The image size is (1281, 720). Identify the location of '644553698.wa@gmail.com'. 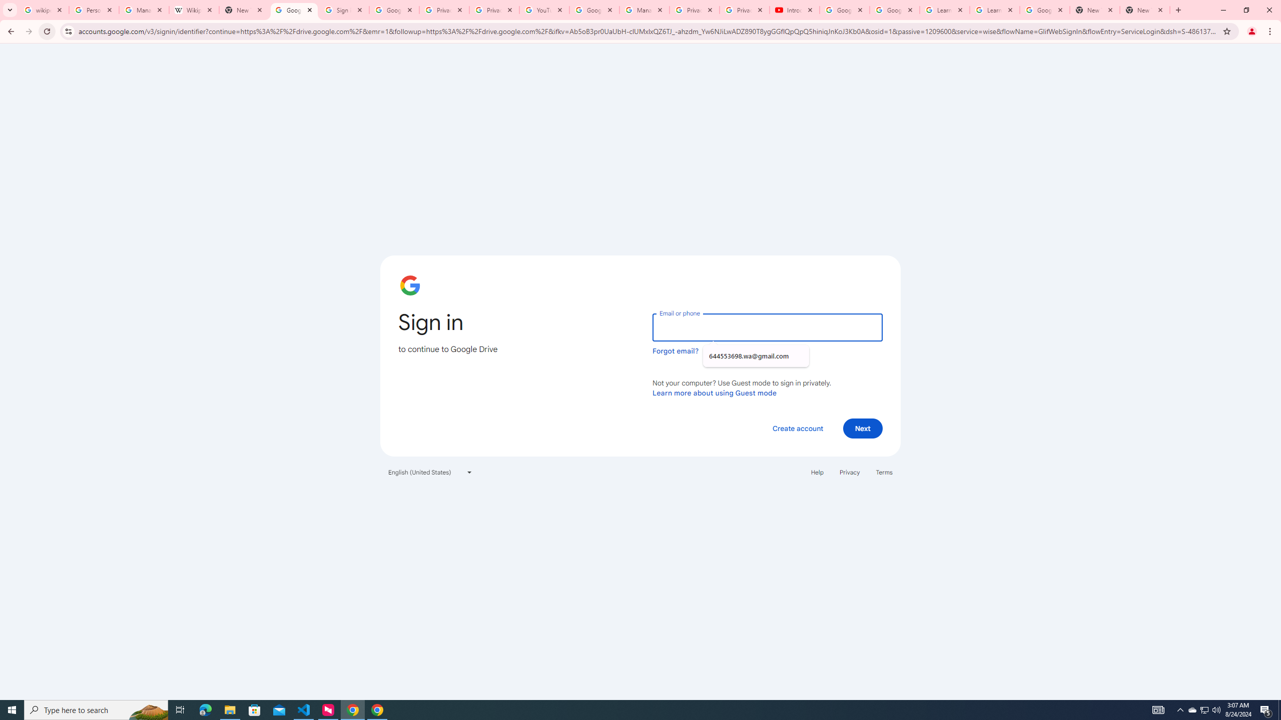
(755, 356).